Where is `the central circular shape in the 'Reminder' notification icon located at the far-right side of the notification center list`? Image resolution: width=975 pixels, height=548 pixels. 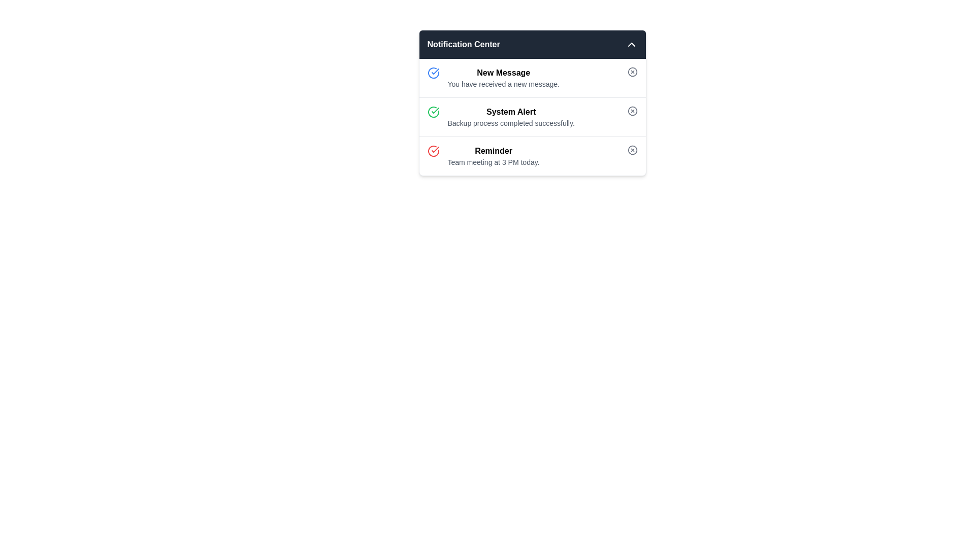
the central circular shape in the 'Reminder' notification icon located at the far-right side of the notification center list is located at coordinates (632, 150).